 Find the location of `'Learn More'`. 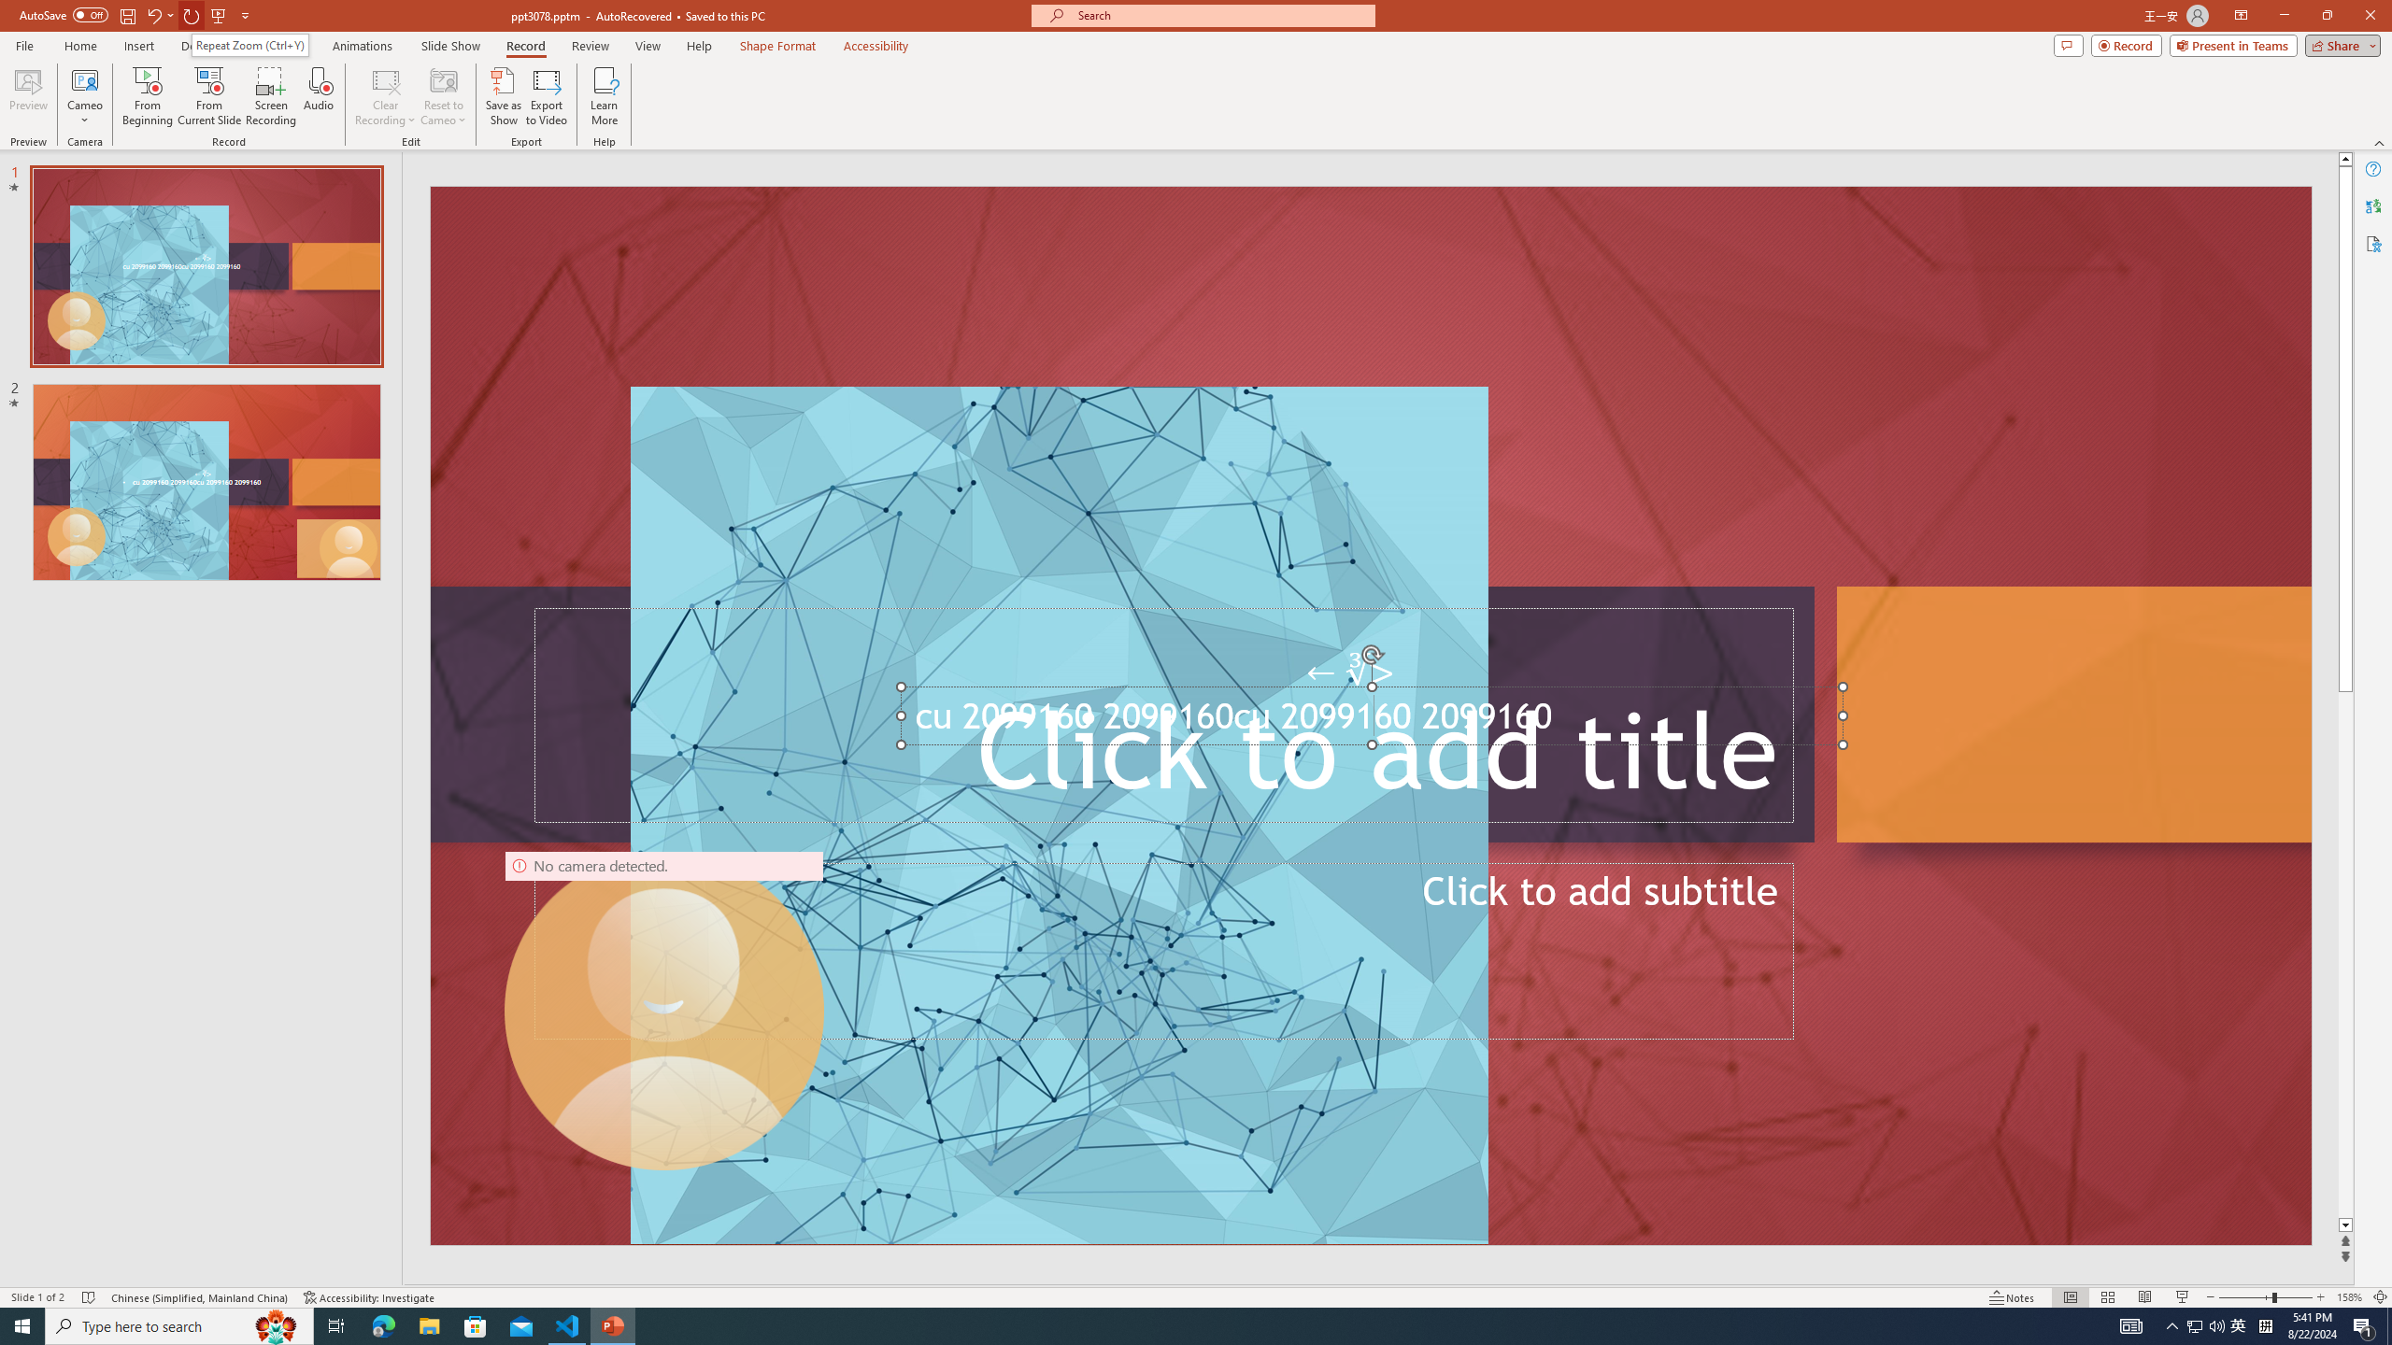

'Learn More' is located at coordinates (605, 96).